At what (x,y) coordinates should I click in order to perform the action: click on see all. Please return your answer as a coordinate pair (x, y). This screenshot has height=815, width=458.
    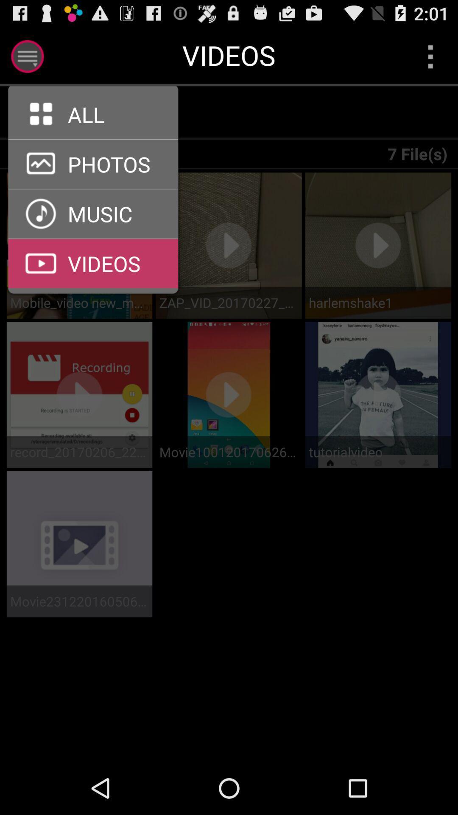
    Looking at the image, I should click on (93, 139).